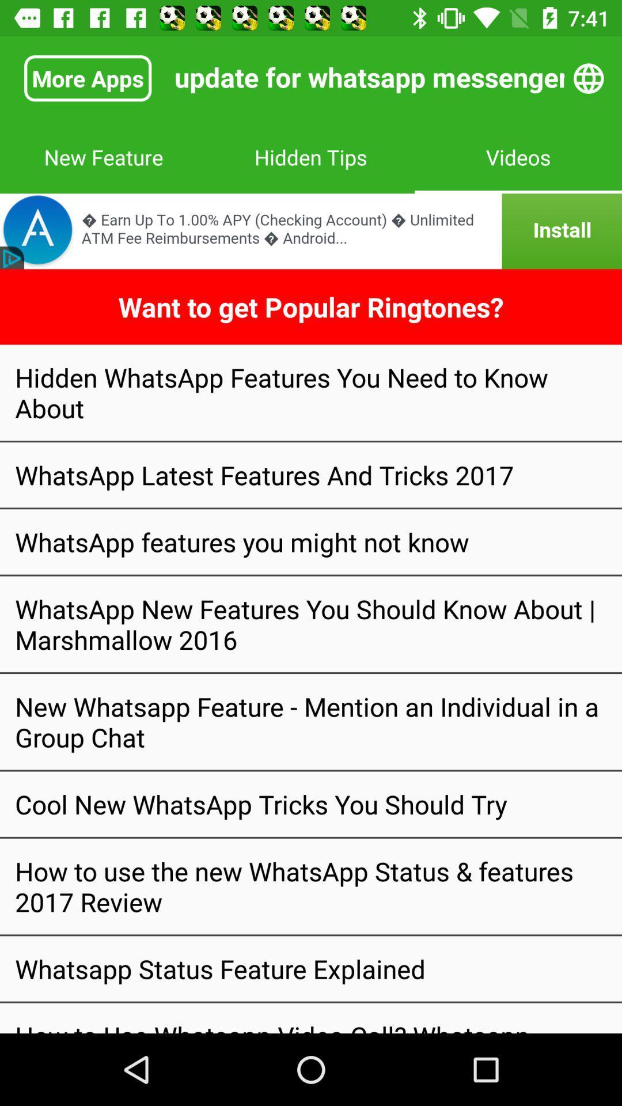  I want to click on advertisement page, so click(311, 230).